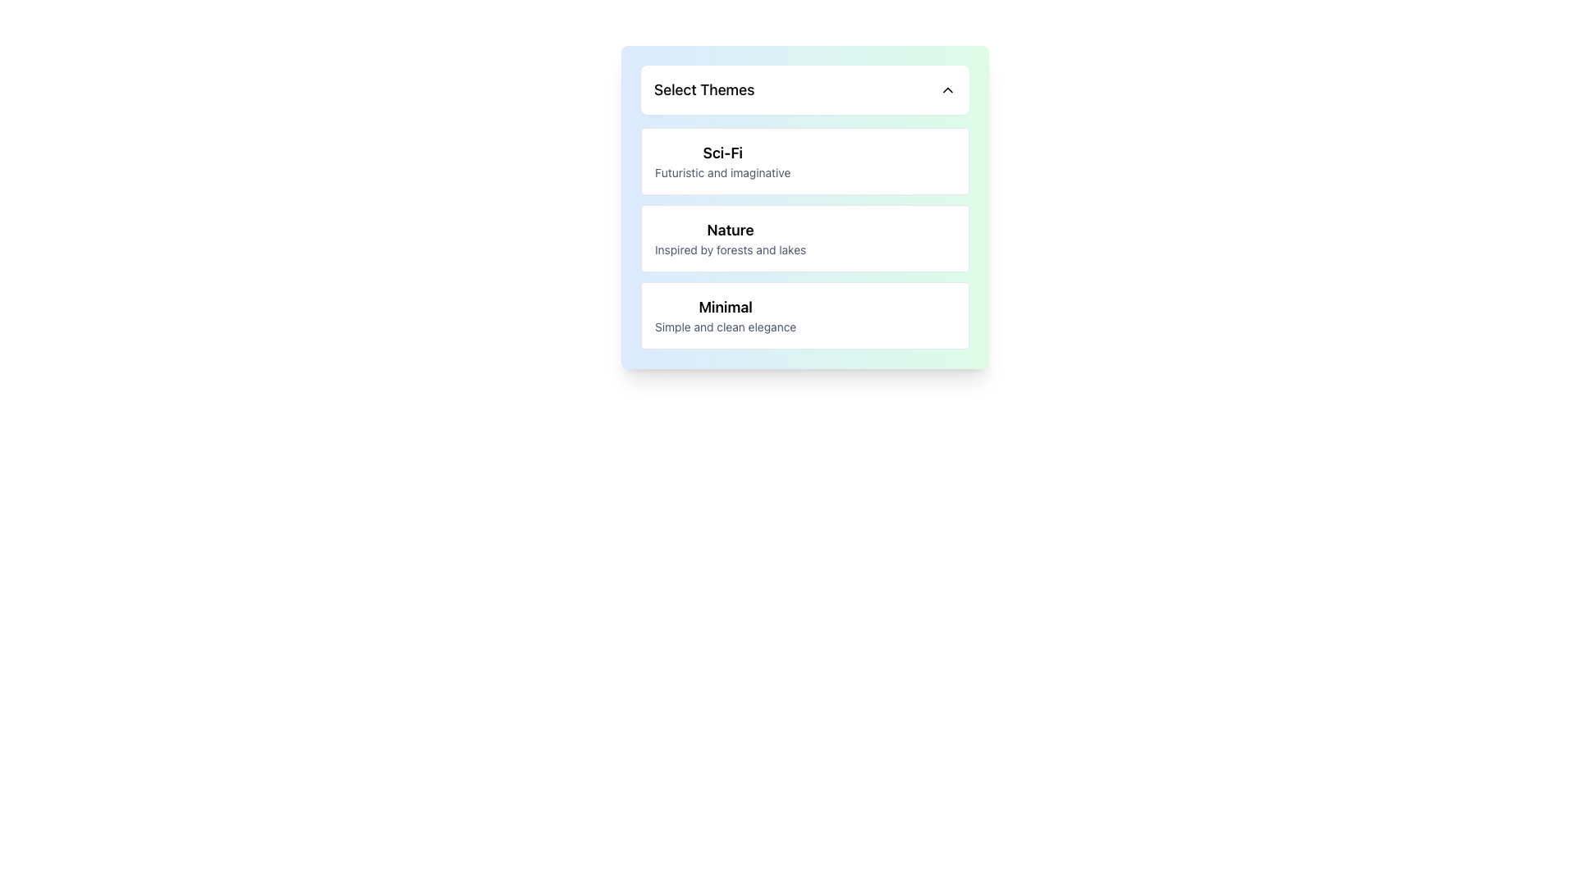 The width and height of the screenshot is (1576, 886). What do you see at coordinates (804, 161) in the screenshot?
I see `the selection option titled 'Sci-Fi'` at bounding box center [804, 161].